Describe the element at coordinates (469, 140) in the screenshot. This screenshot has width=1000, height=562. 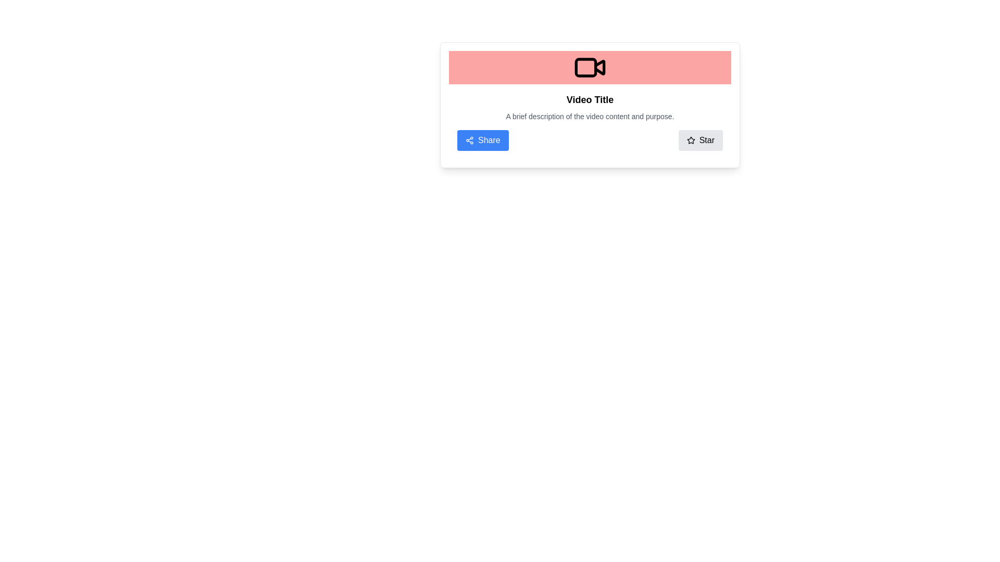
I see `the share icon SVG located within the blue 'Share' button at the bottom-left corner of the card` at that location.